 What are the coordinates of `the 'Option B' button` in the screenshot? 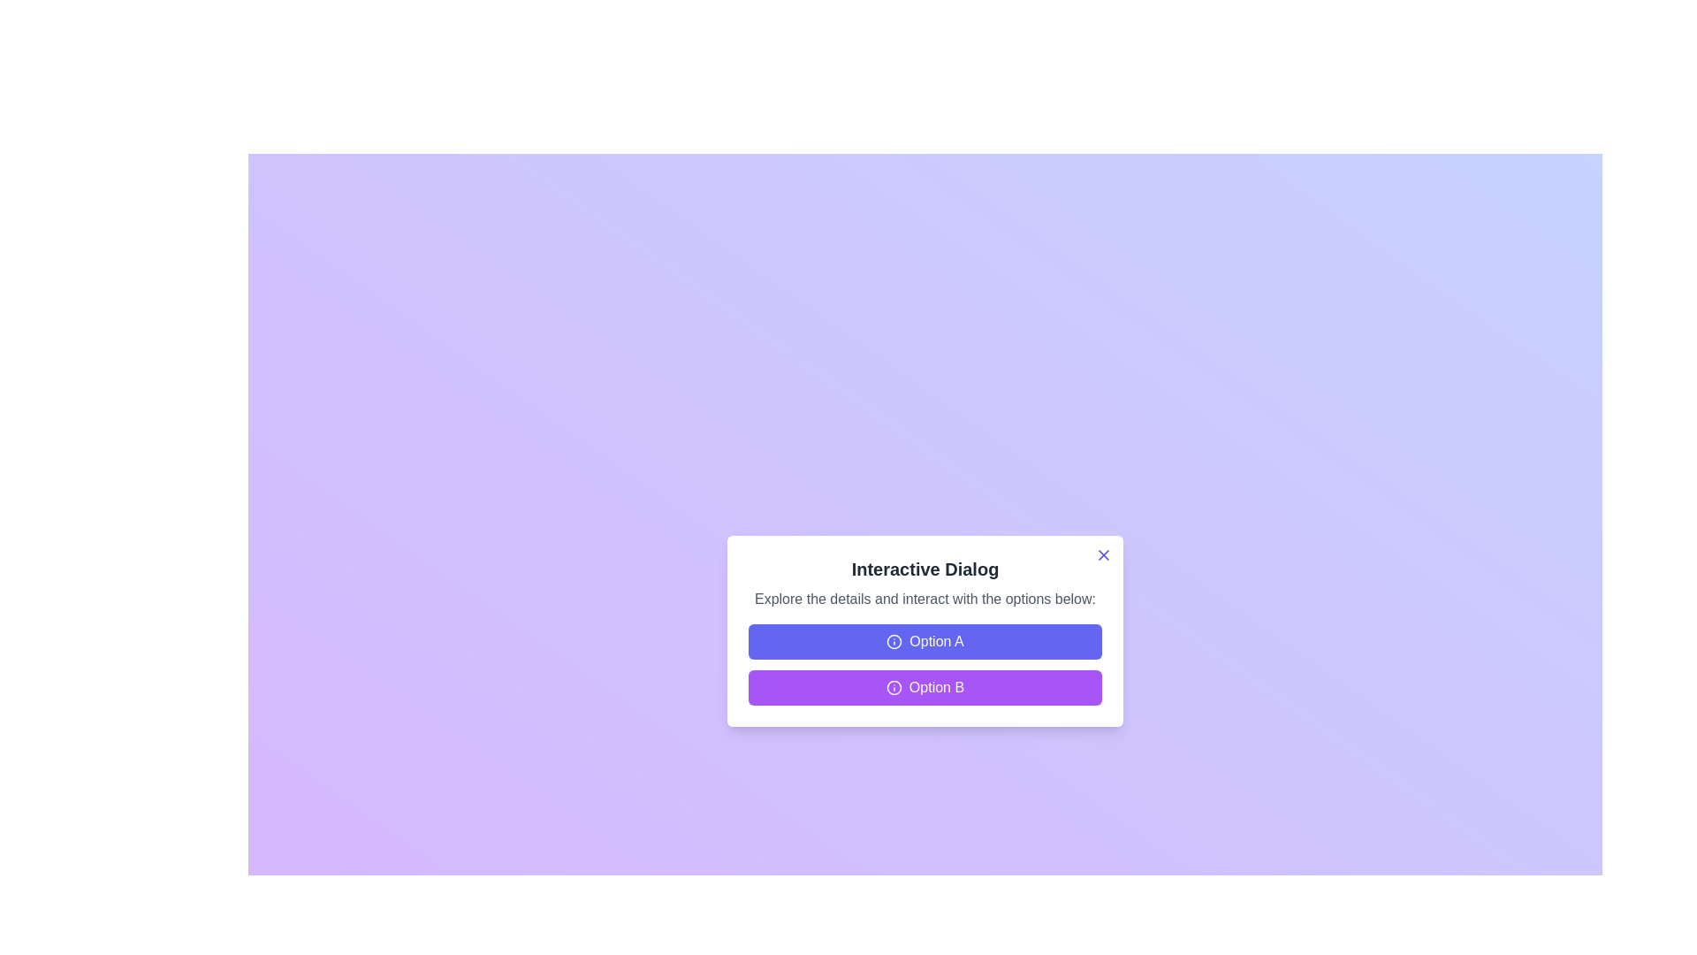 It's located at (924, 687).